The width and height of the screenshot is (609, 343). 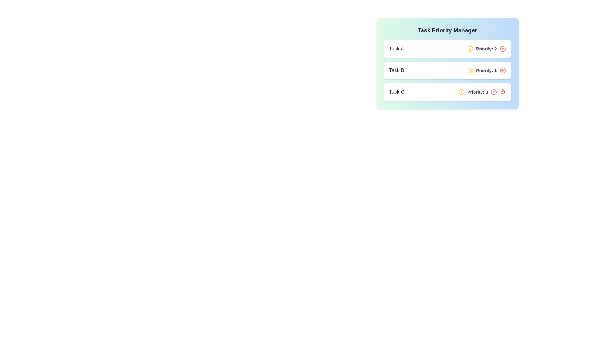 I want to click on the static text element indicating the priority level of 'Task B' in the 'Task Priority Manager', so click(x=486, y=71).